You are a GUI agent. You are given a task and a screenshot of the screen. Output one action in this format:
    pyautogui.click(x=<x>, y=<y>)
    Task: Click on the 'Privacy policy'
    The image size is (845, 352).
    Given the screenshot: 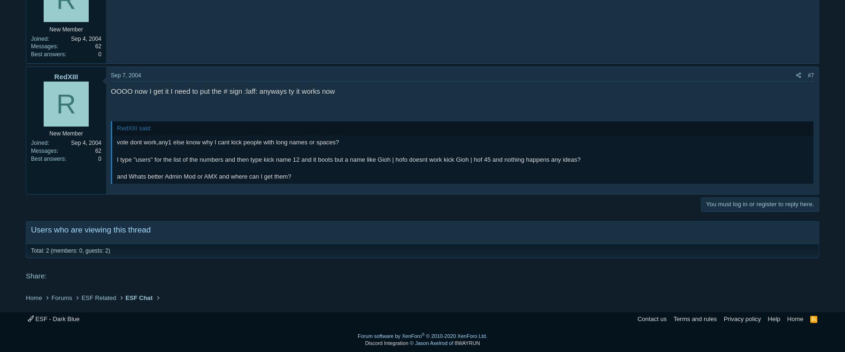 What is the action you would take?
    pyautogui.click(x=741, y=318)
    